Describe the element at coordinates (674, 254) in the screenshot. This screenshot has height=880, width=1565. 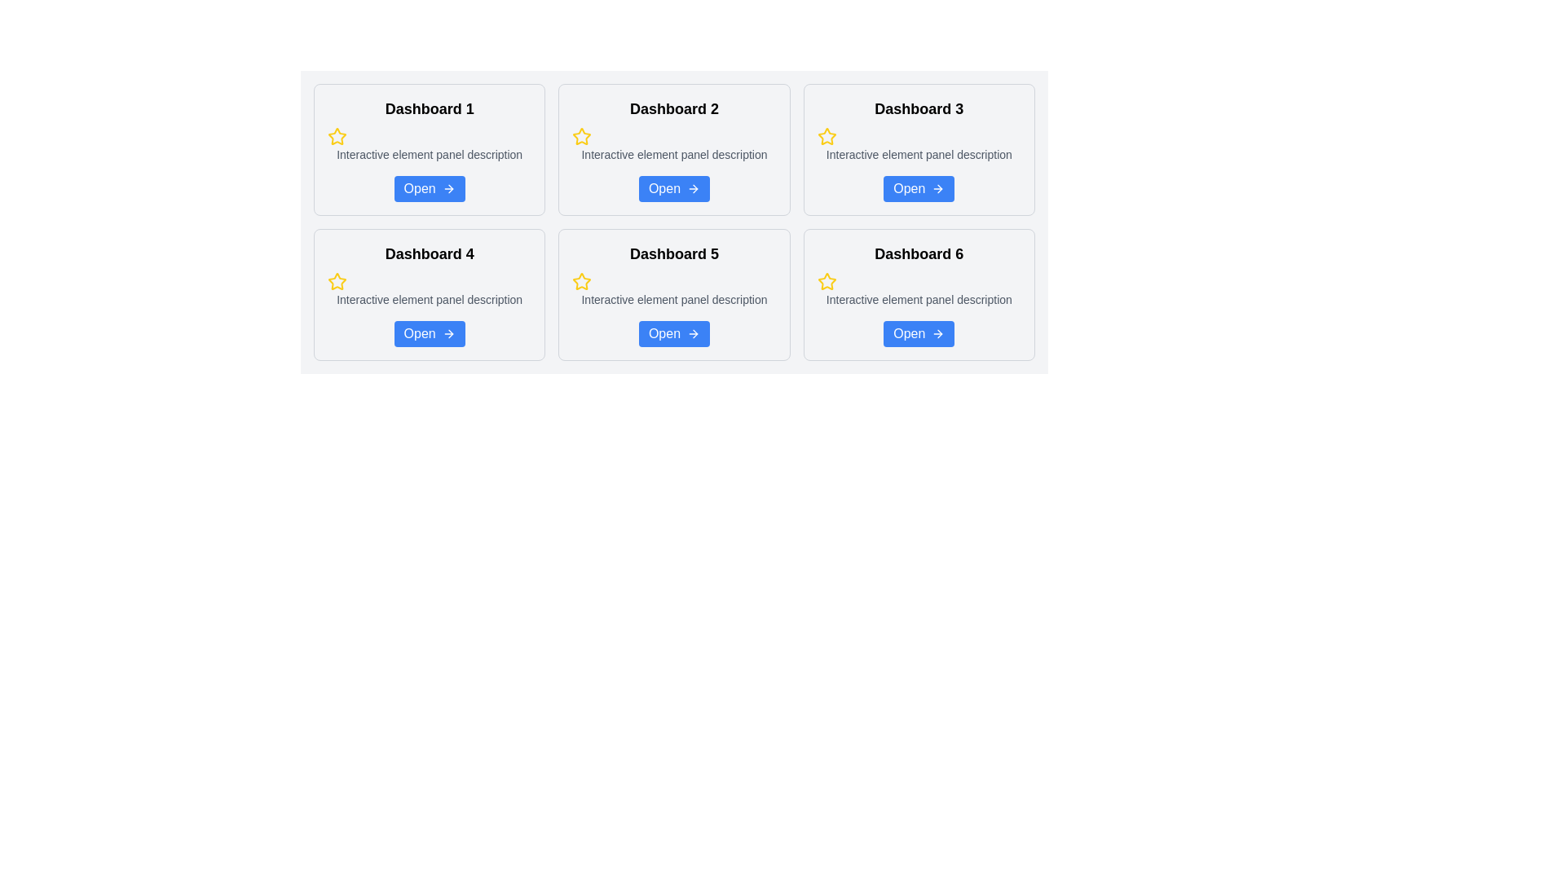
I see `the fifth heading text element in the second row, second column of the grid layout, which serves as the title for its respective panel` at that location.